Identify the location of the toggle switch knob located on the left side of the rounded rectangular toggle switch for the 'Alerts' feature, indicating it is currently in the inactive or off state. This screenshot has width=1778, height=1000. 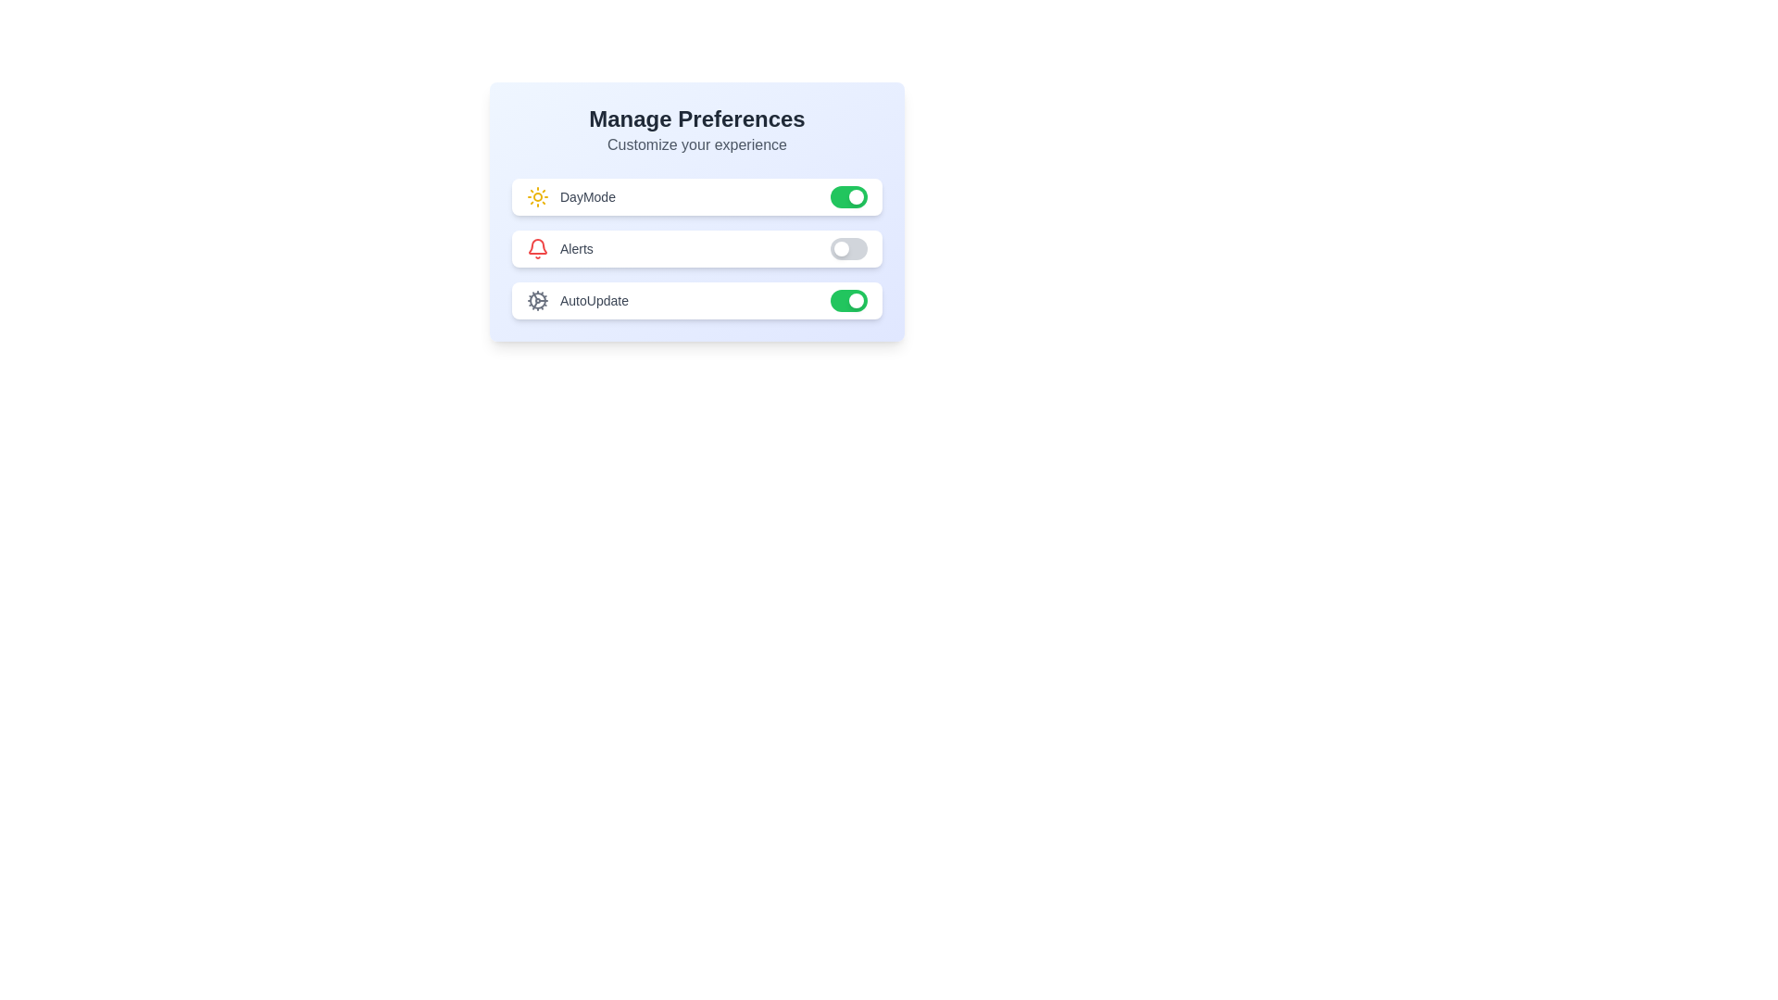
(840, 248).